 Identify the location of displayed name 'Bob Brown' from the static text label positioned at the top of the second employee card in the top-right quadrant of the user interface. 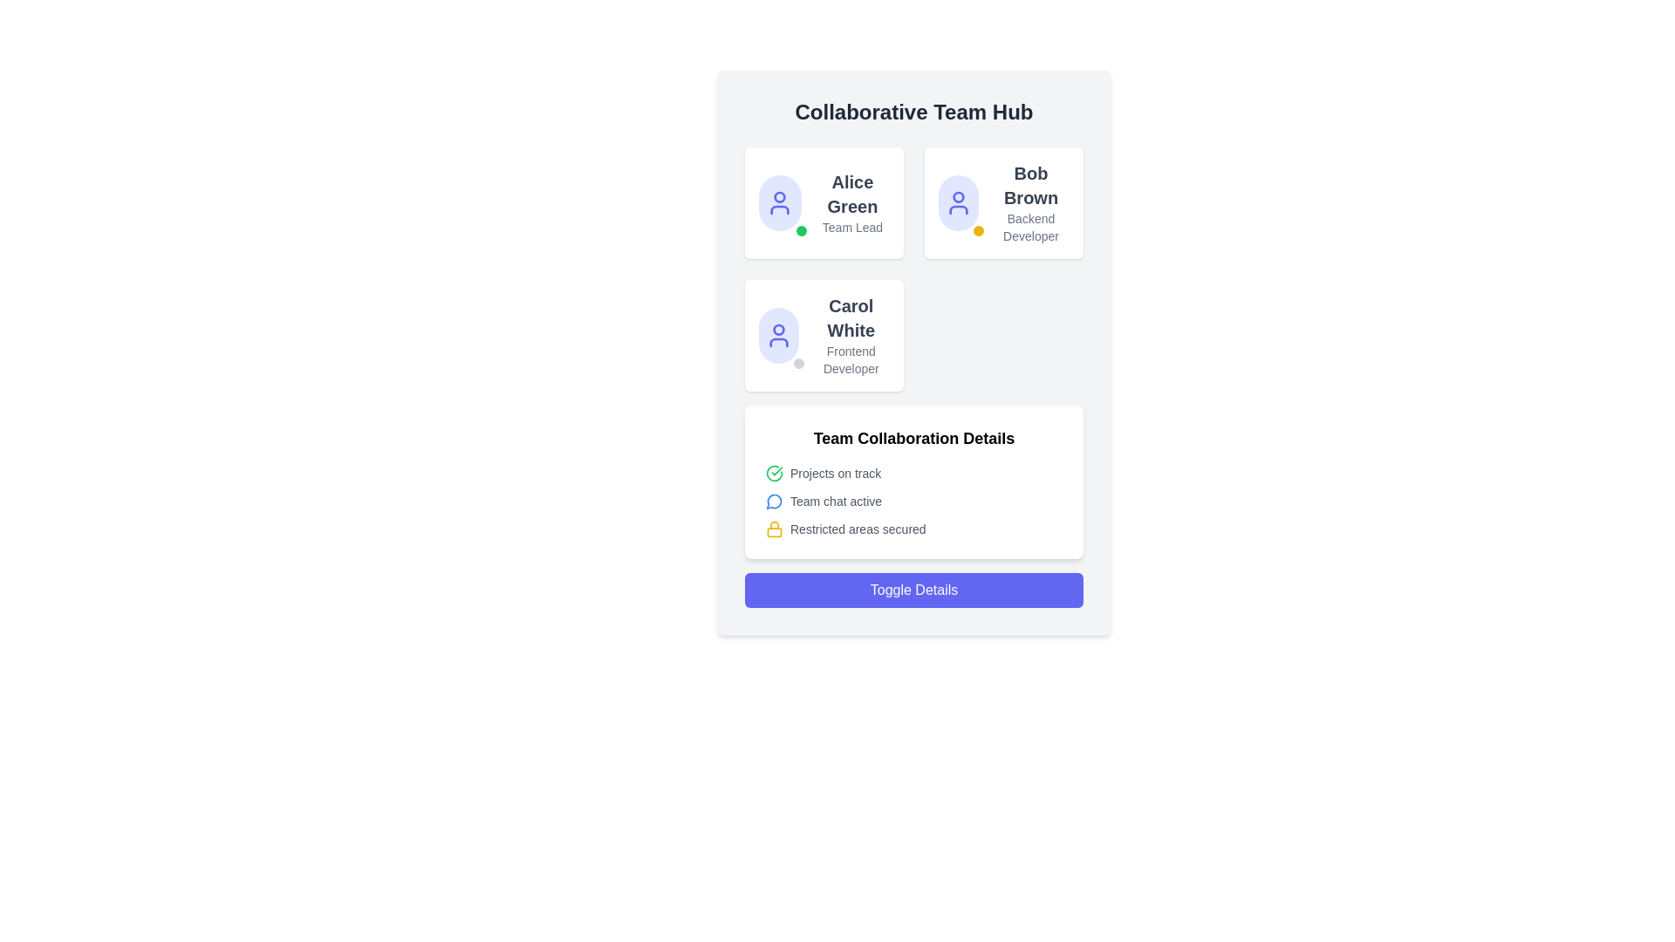
(1030, 185).